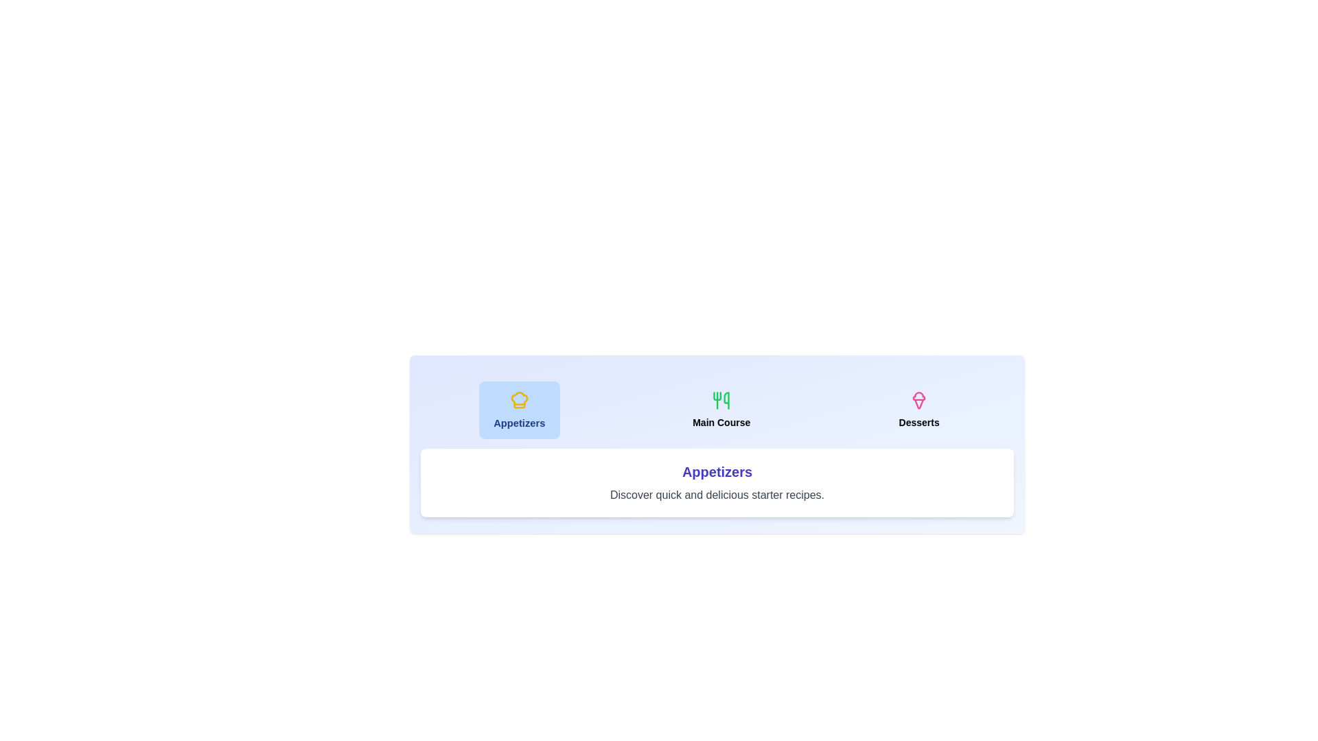 This screenshot has width=1318, height=741. What do you see at coordinates (919, 409) in the screenshot?
I see `the tab labeled Desserts to display its associated category` at bounding box center [919, 409].